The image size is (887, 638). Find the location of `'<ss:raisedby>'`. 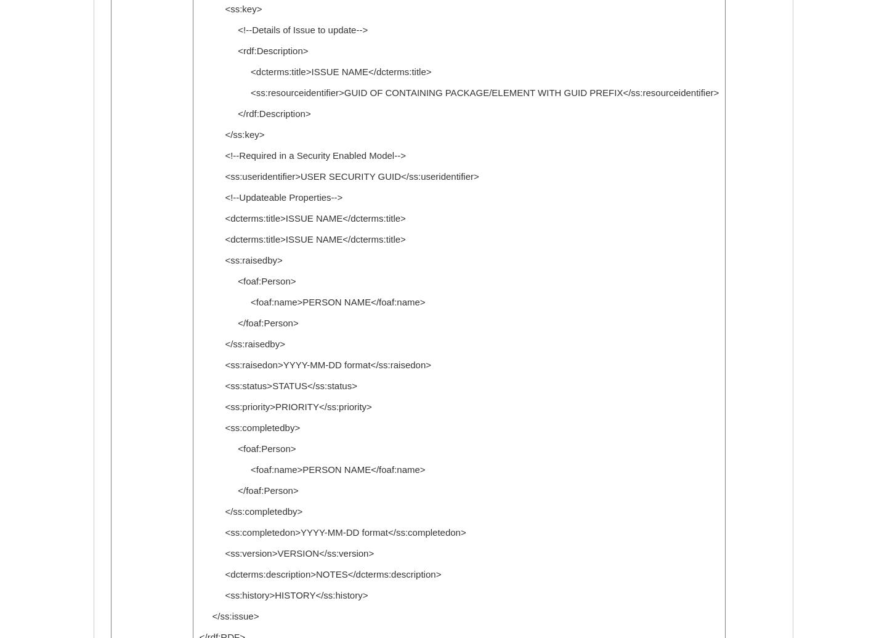

'<ss:raisedby>' is located at coordinates (240, 260).